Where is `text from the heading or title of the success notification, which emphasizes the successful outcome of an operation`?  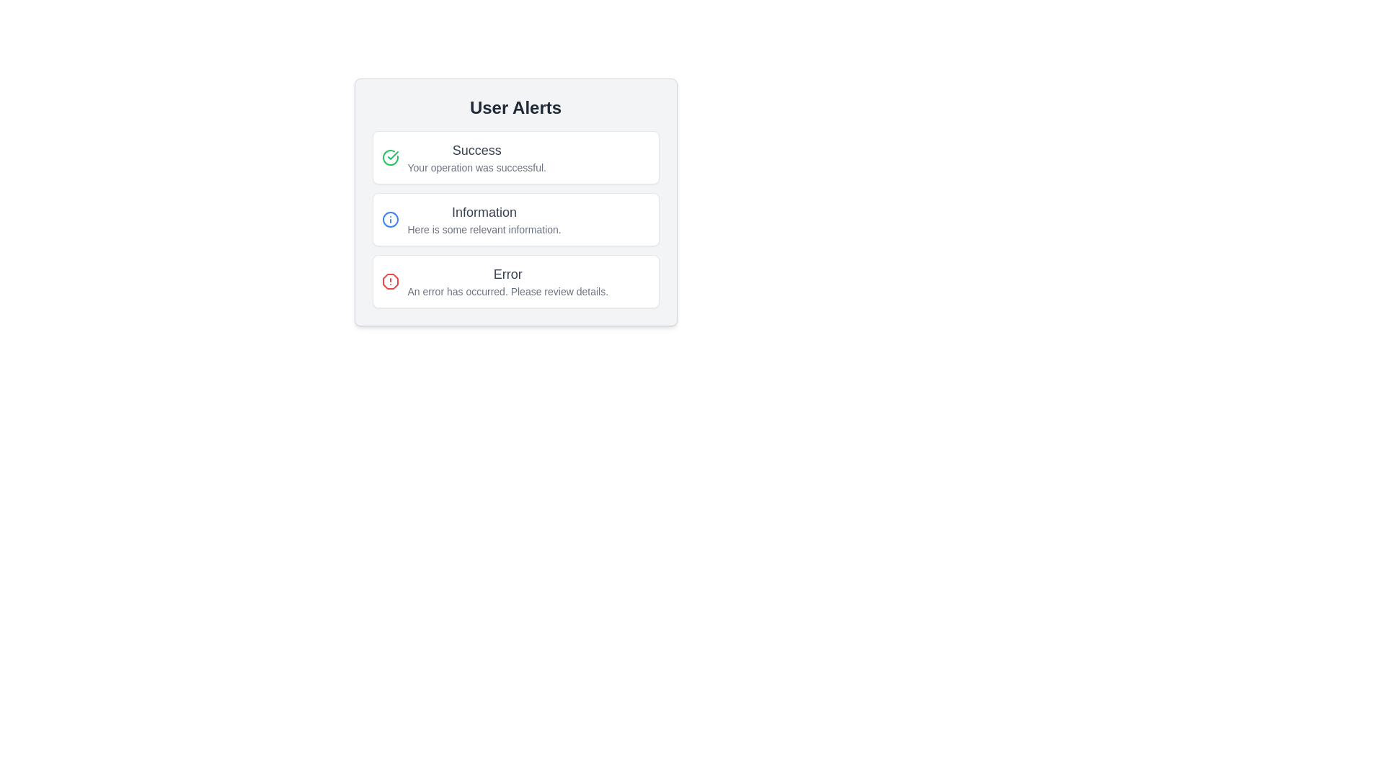
text from the heading or title of the success notification, which emphasizes the successful outcome of an operation is located at coordinates (476, 150).